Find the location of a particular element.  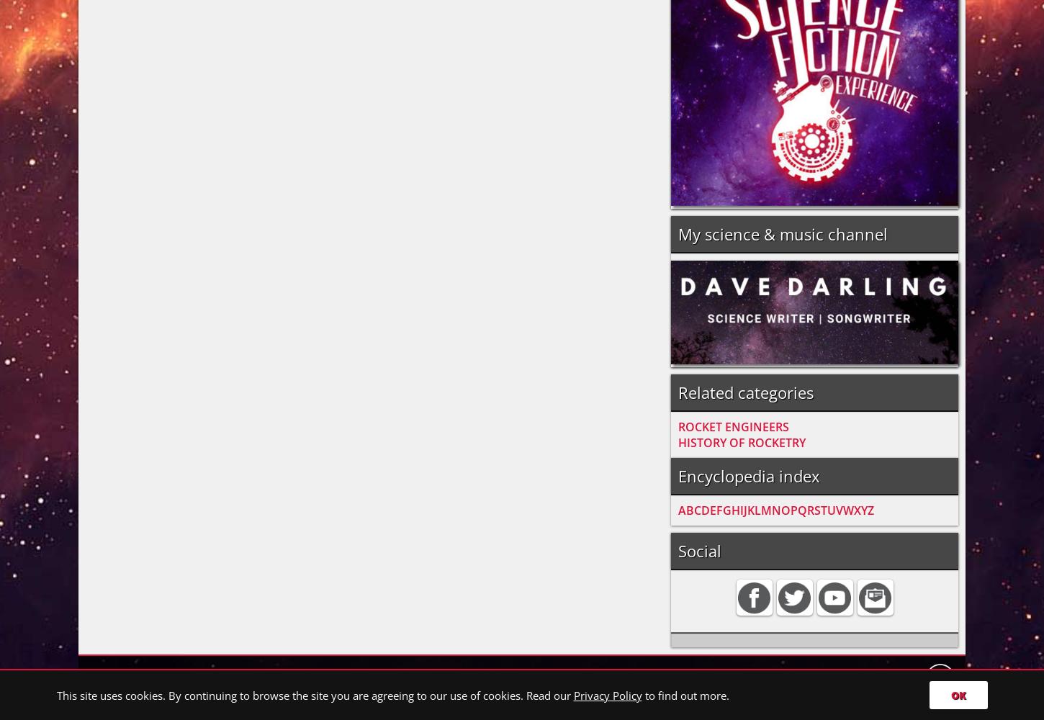

'E' is located at coordinates (713, 509).